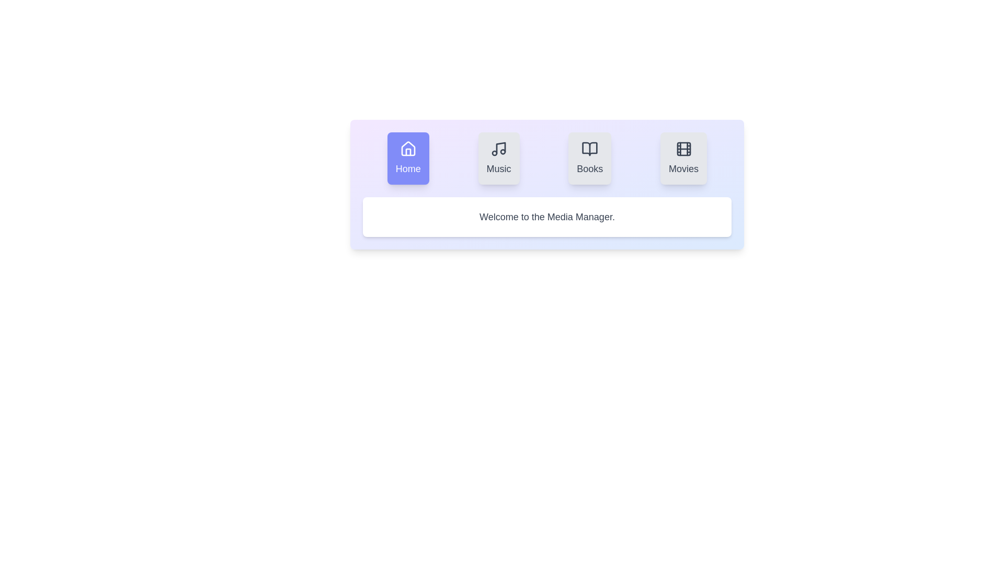  What do you see at coordinates (498, 159) in the screenshot?
I see `the Music tab to observe its hover effect` at bounding box center [498, 159].